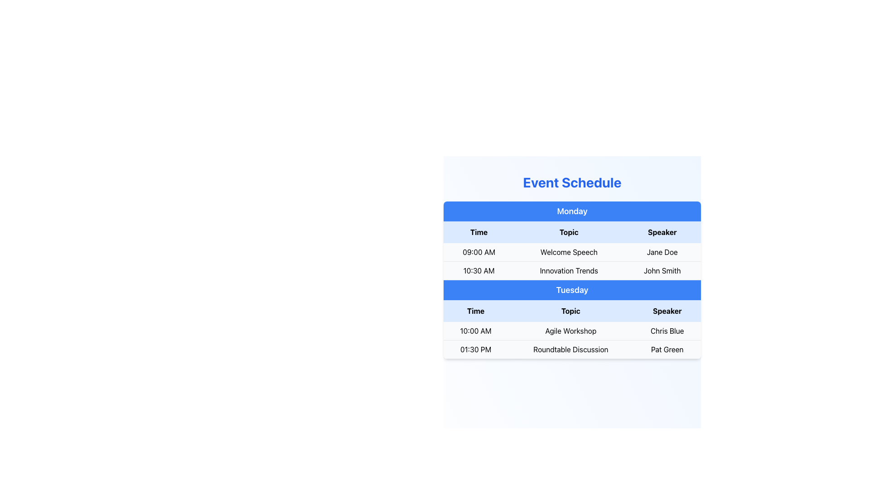  I want to click on the text label that serves as a header for the events scheduled for Tuesday, which is located directly below the 'Monday' row in the event schedule, so click(571, 290).